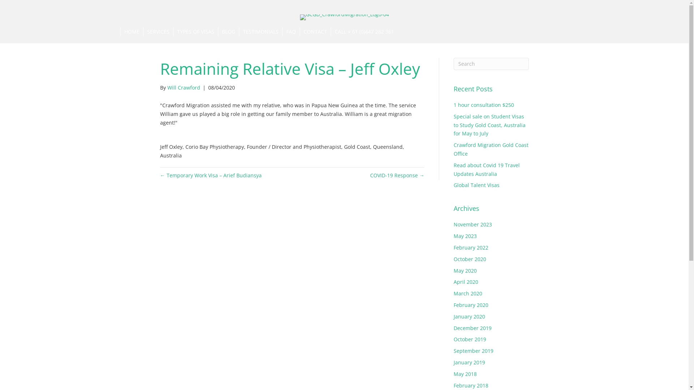  I want to click on 'Global Talent Visas', so click(476, 185).